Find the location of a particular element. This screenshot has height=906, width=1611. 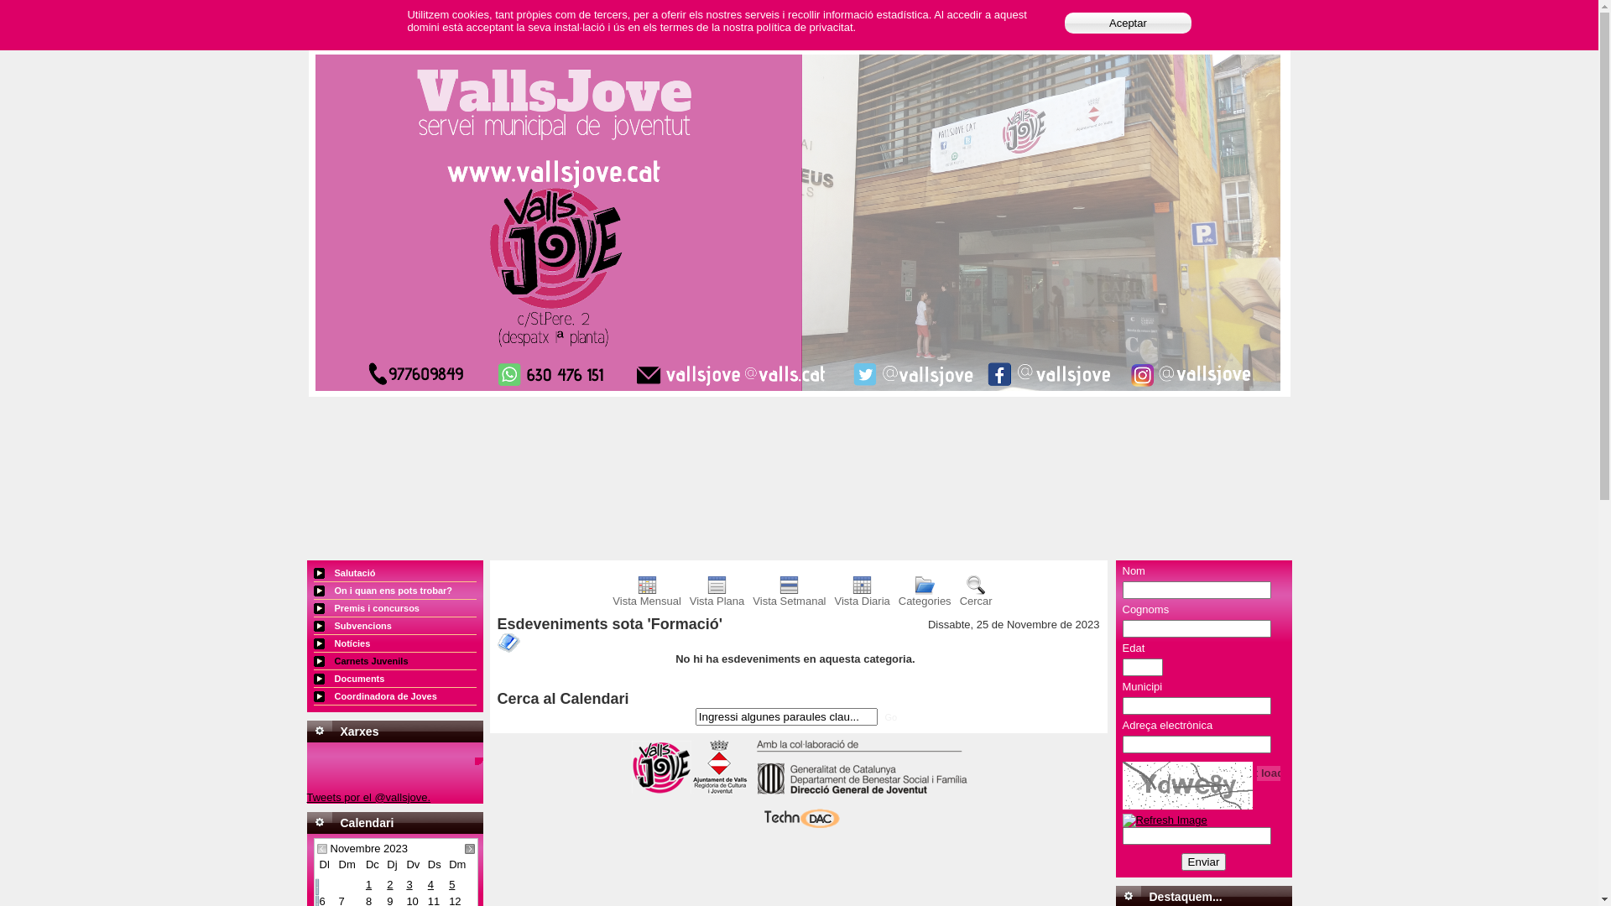

'5' is located at coordinates (451, 883).